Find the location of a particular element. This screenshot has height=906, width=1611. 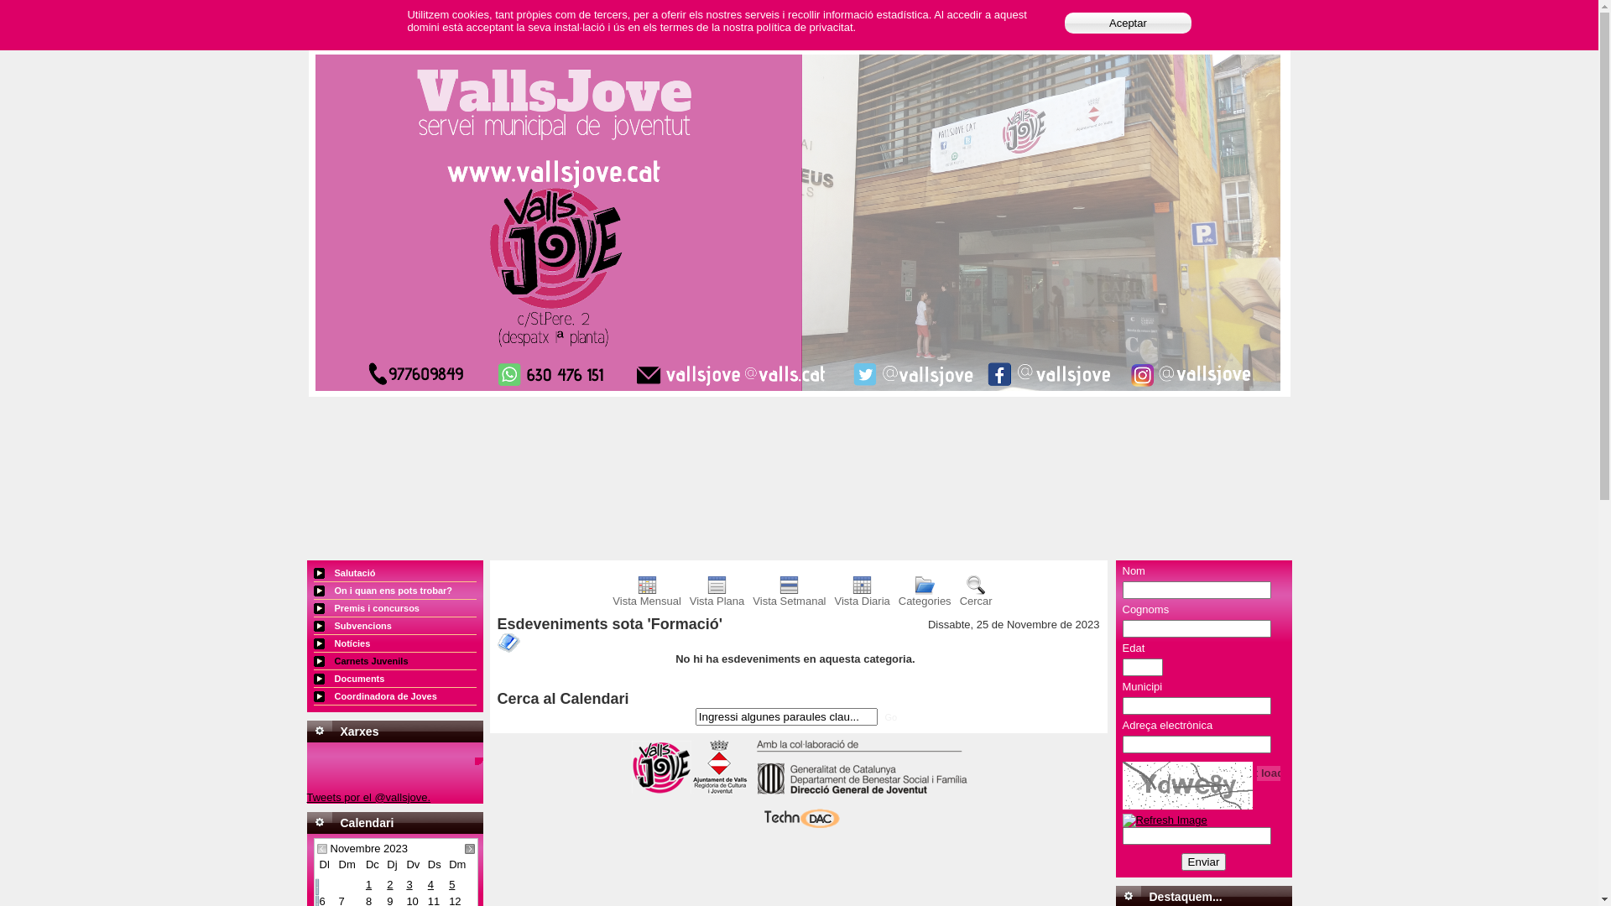

'5' is located at coordinates (451, 883).